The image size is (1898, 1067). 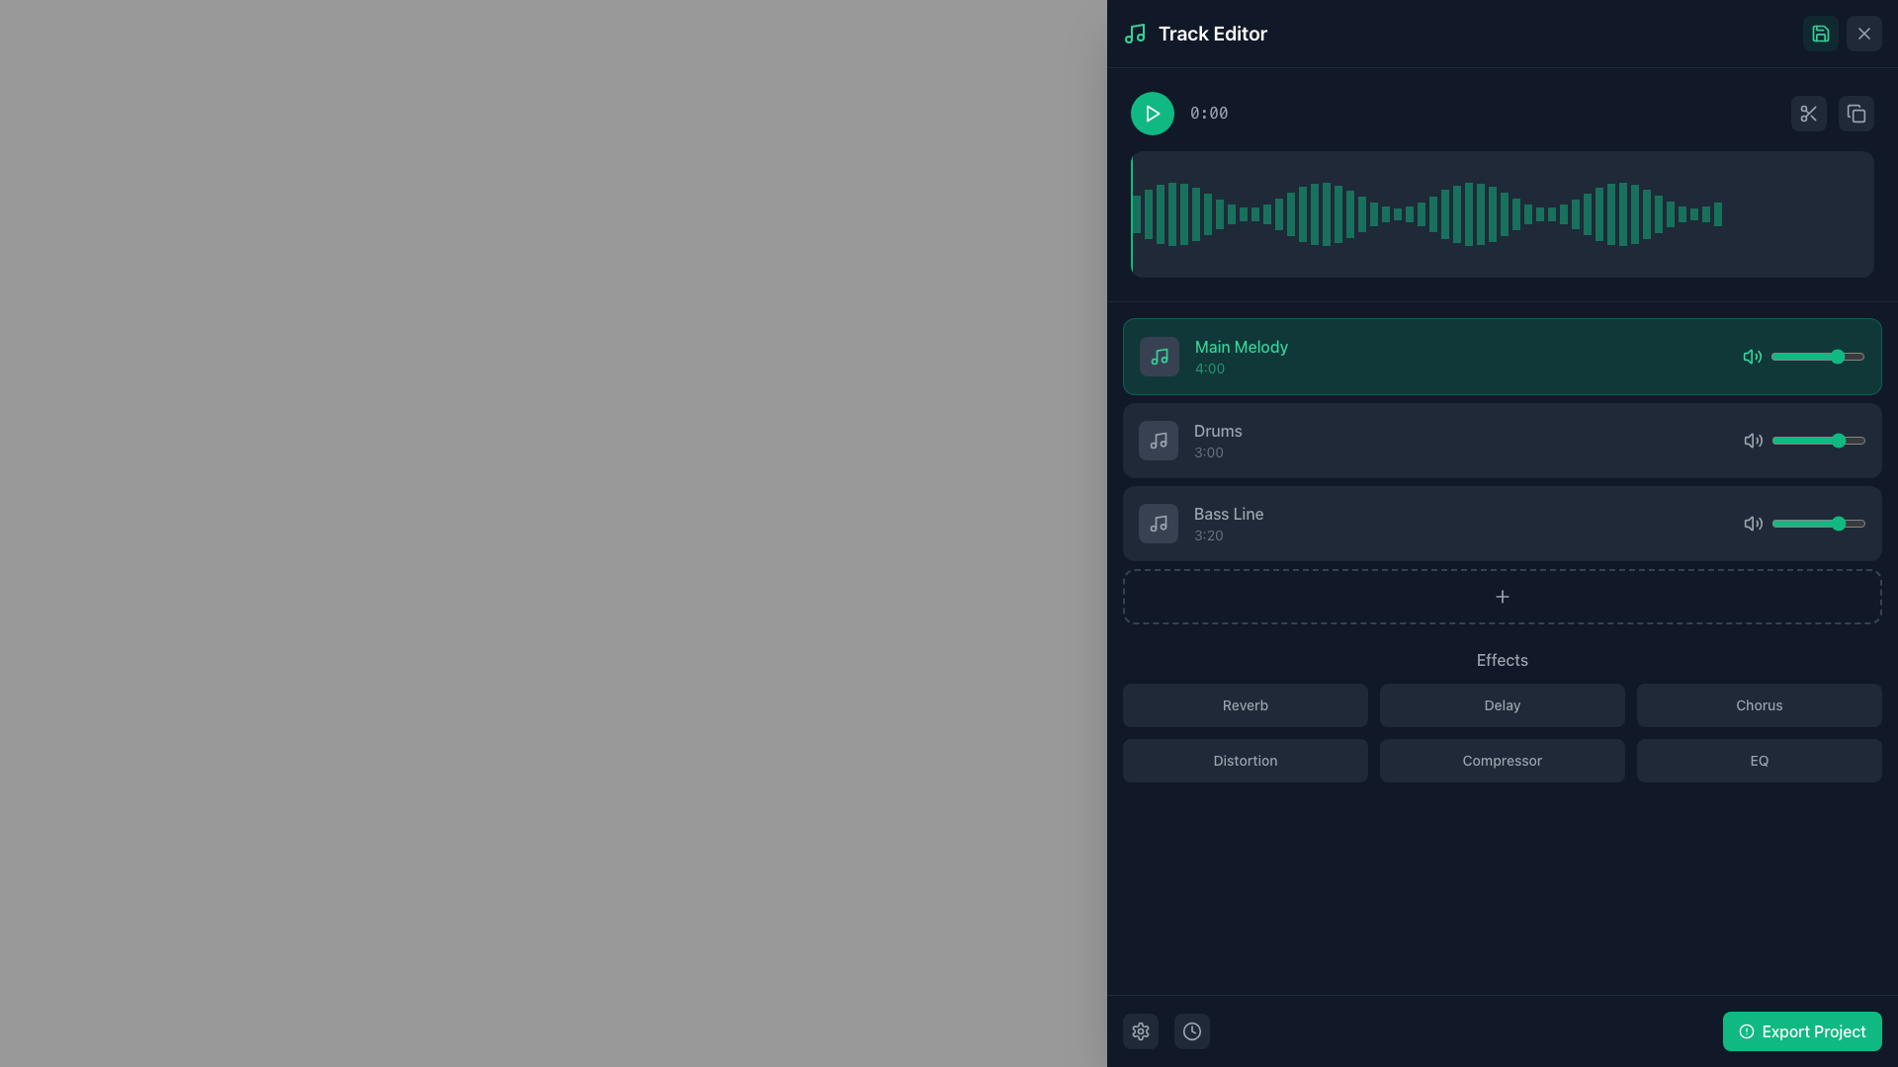 What do you see at coordinates (1327, 213) in the screenshot?
I see `the 17th vertical bar in the audio waveform that indicates the current playback or editing position` at bounding box center [1327, 213].